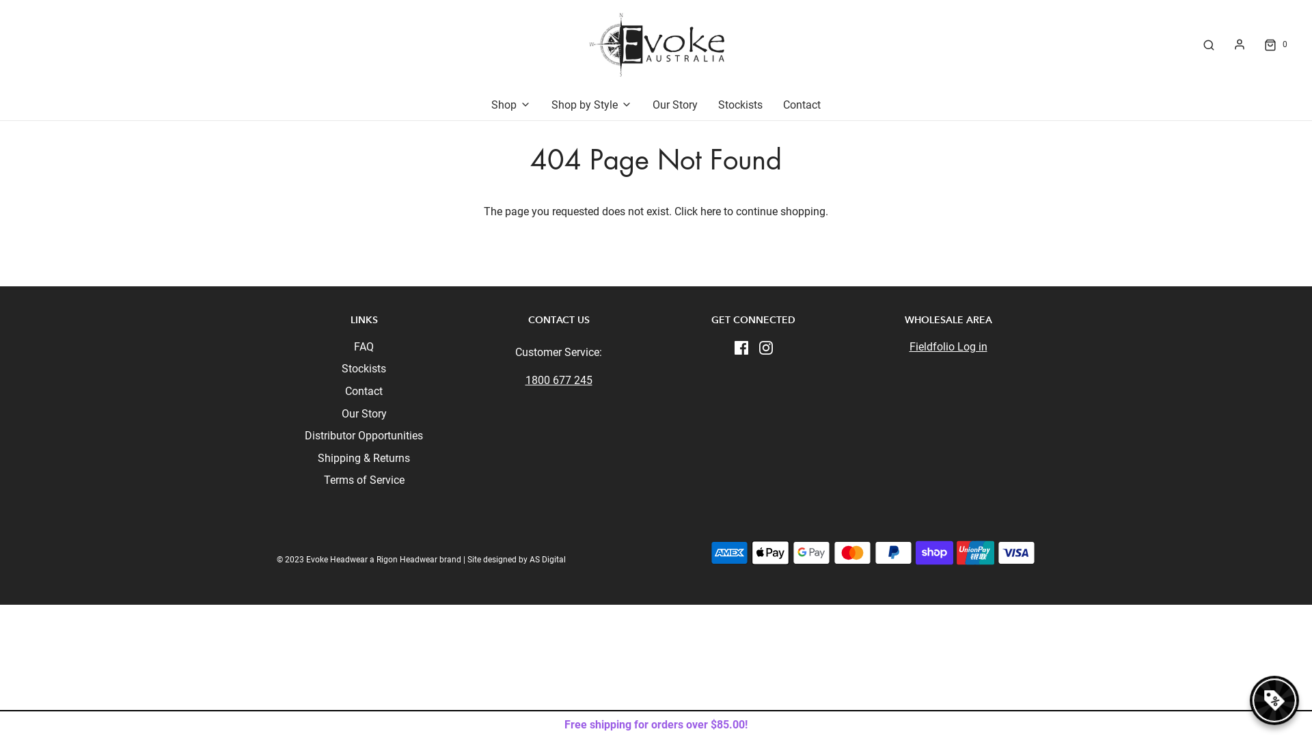  What do you see at coordinates (364, 415) in the screenshot?
I see `'Our Story'` at bounding box center [364, 415].